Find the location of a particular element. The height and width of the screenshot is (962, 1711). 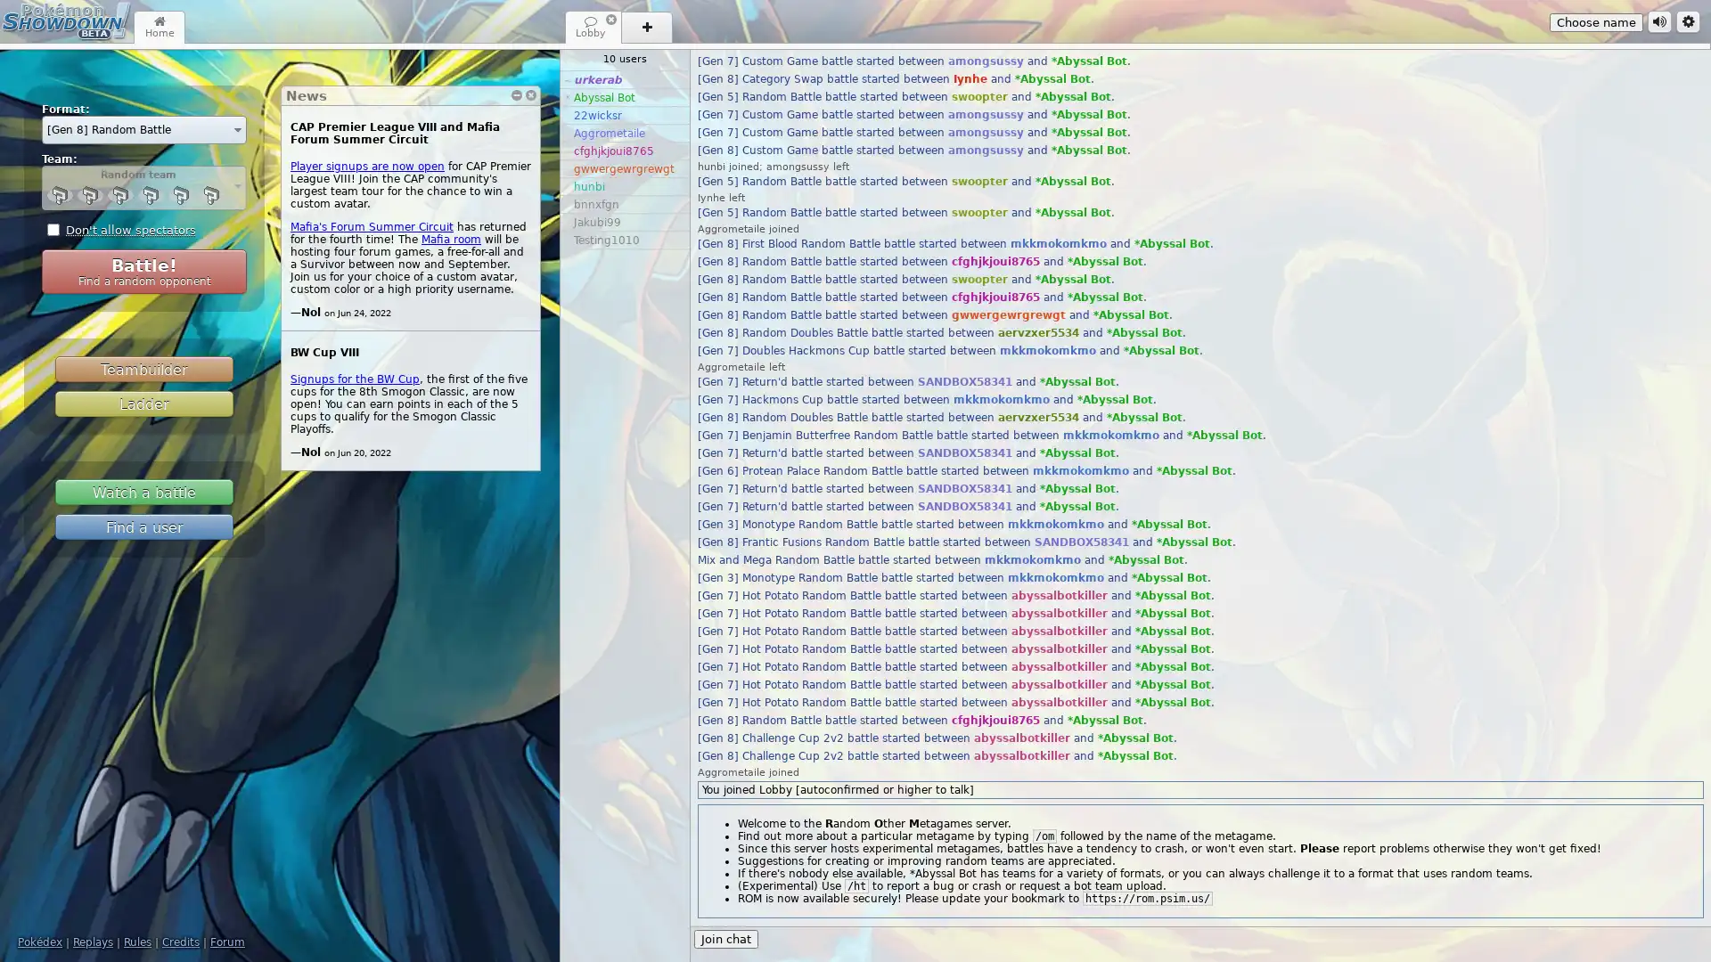

Jakubi99 is located at coordinates (625, 221).